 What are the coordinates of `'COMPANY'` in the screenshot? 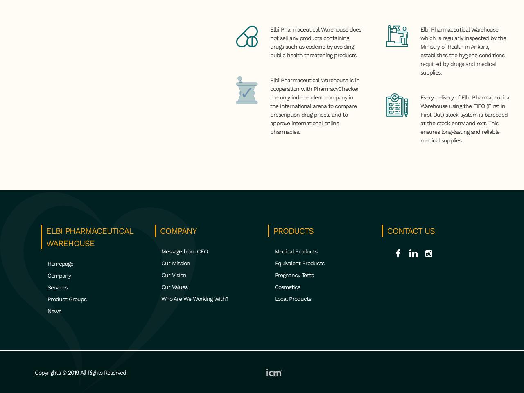 It's located at (160, 230).